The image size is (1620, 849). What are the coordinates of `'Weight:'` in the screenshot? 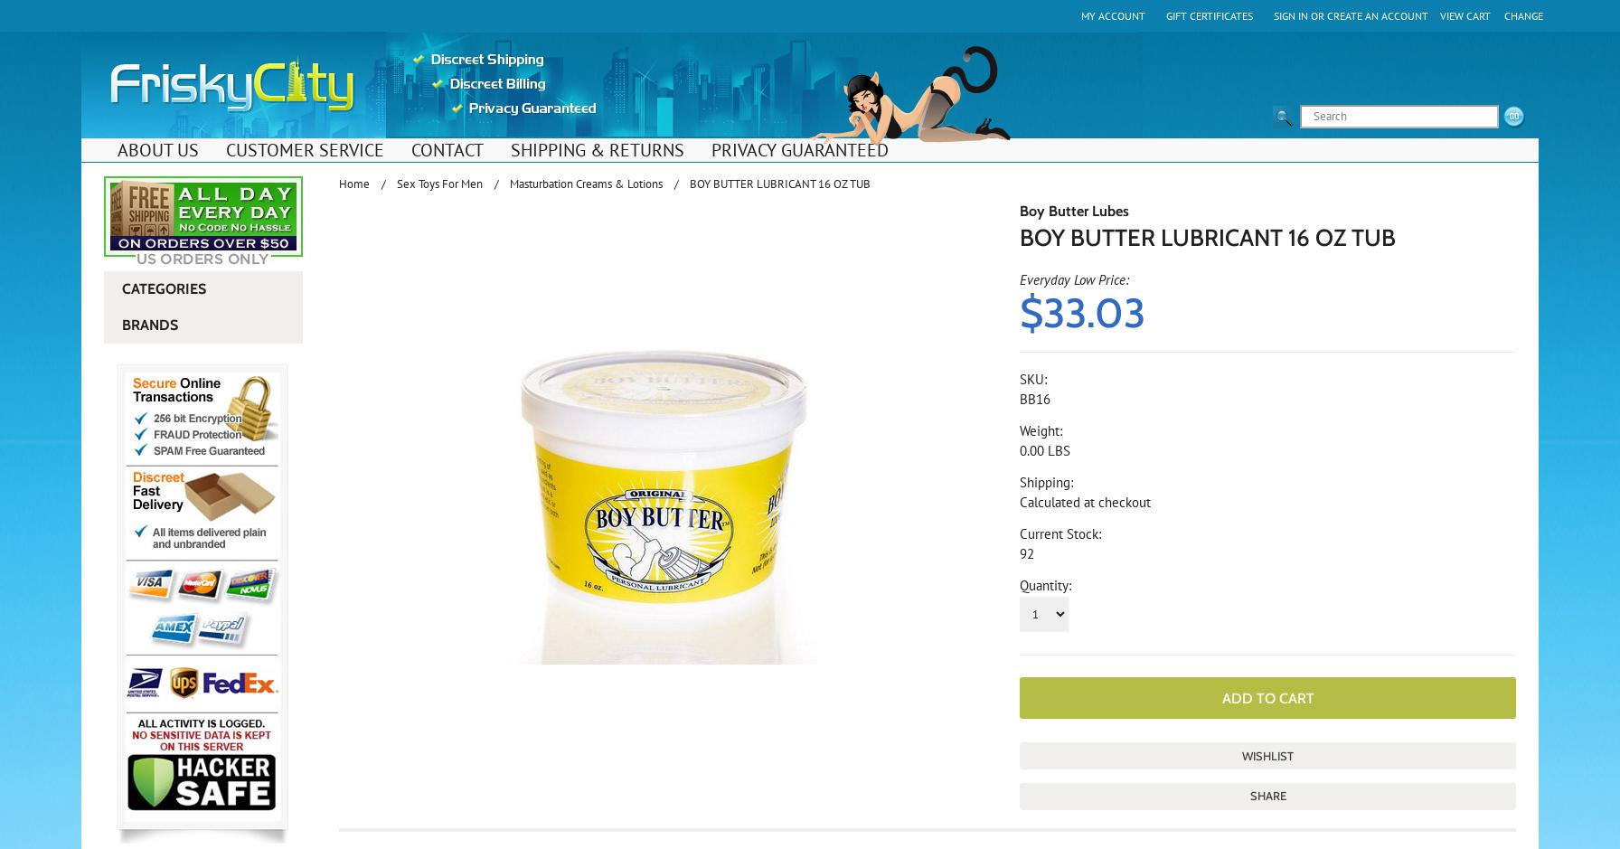 It's located at (1041, 429).